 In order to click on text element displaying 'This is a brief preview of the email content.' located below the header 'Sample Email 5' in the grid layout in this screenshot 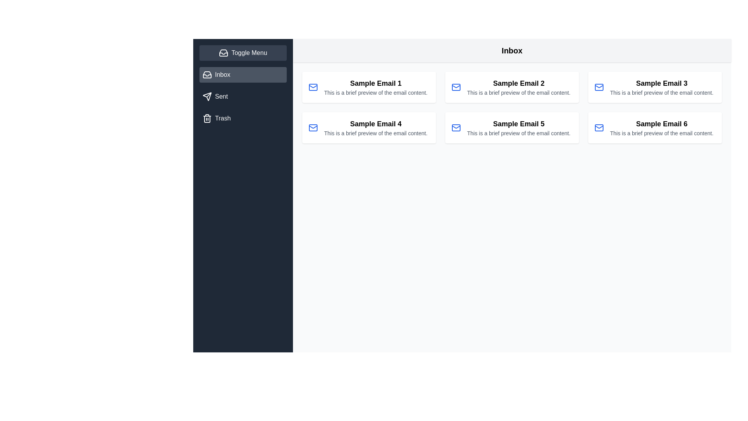, I will do `click(519, 133)`.